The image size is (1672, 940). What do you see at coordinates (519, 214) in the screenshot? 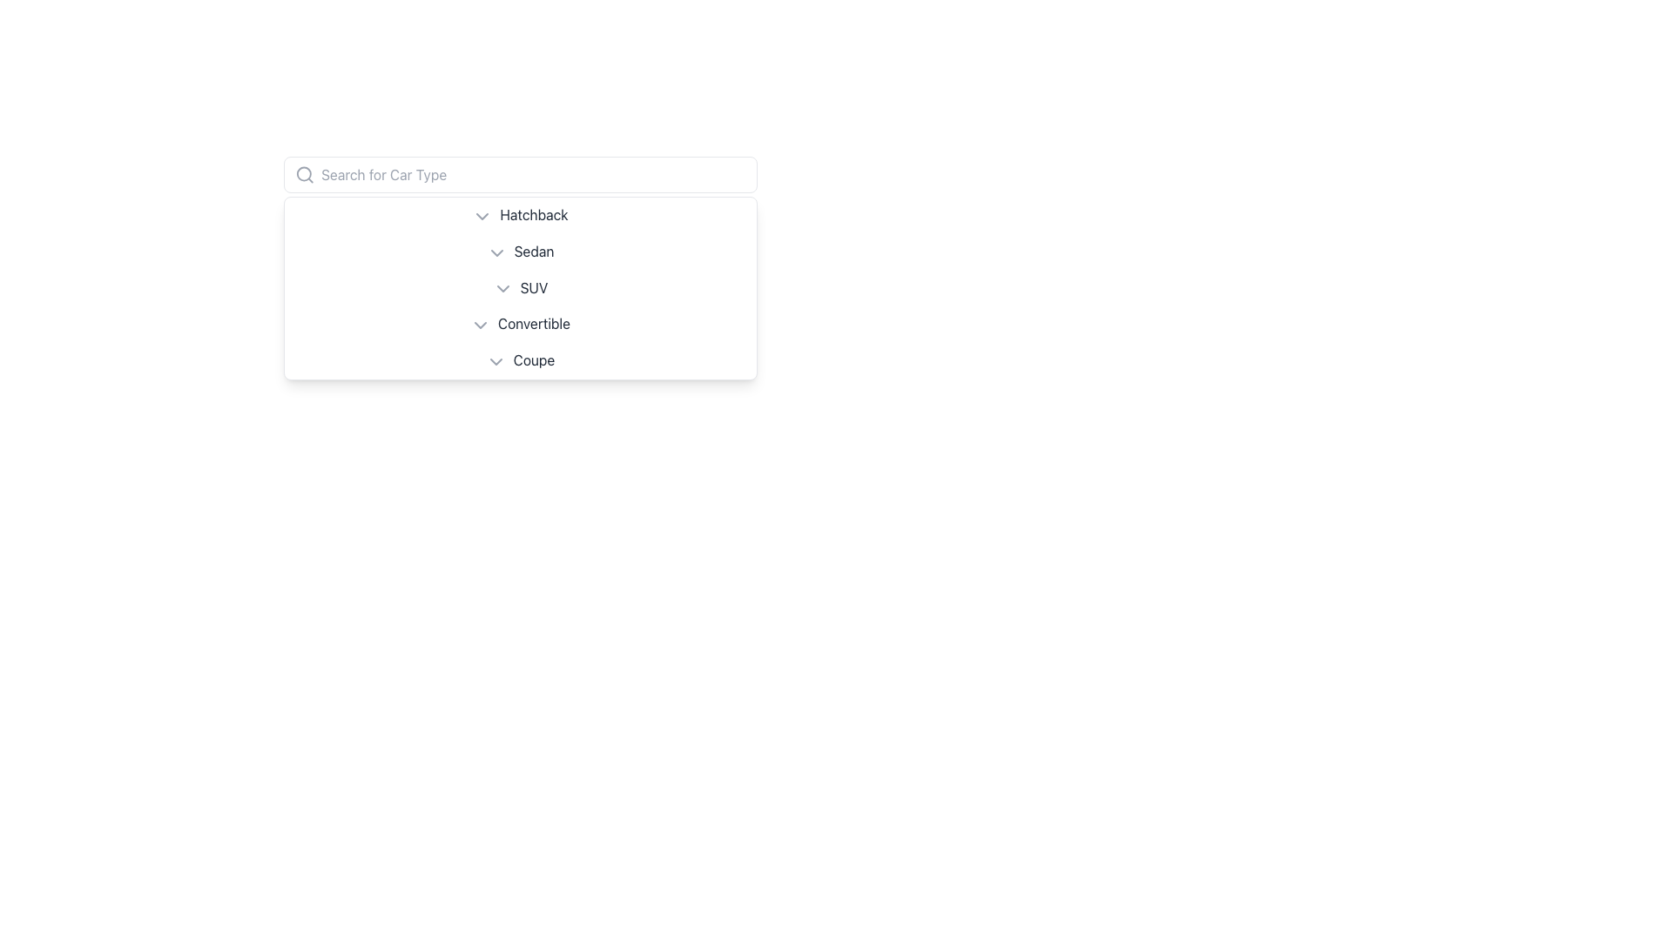
I see `the first entry labeled 'Hatchback' in the dropdown menu` at bounding box center [519, 214].